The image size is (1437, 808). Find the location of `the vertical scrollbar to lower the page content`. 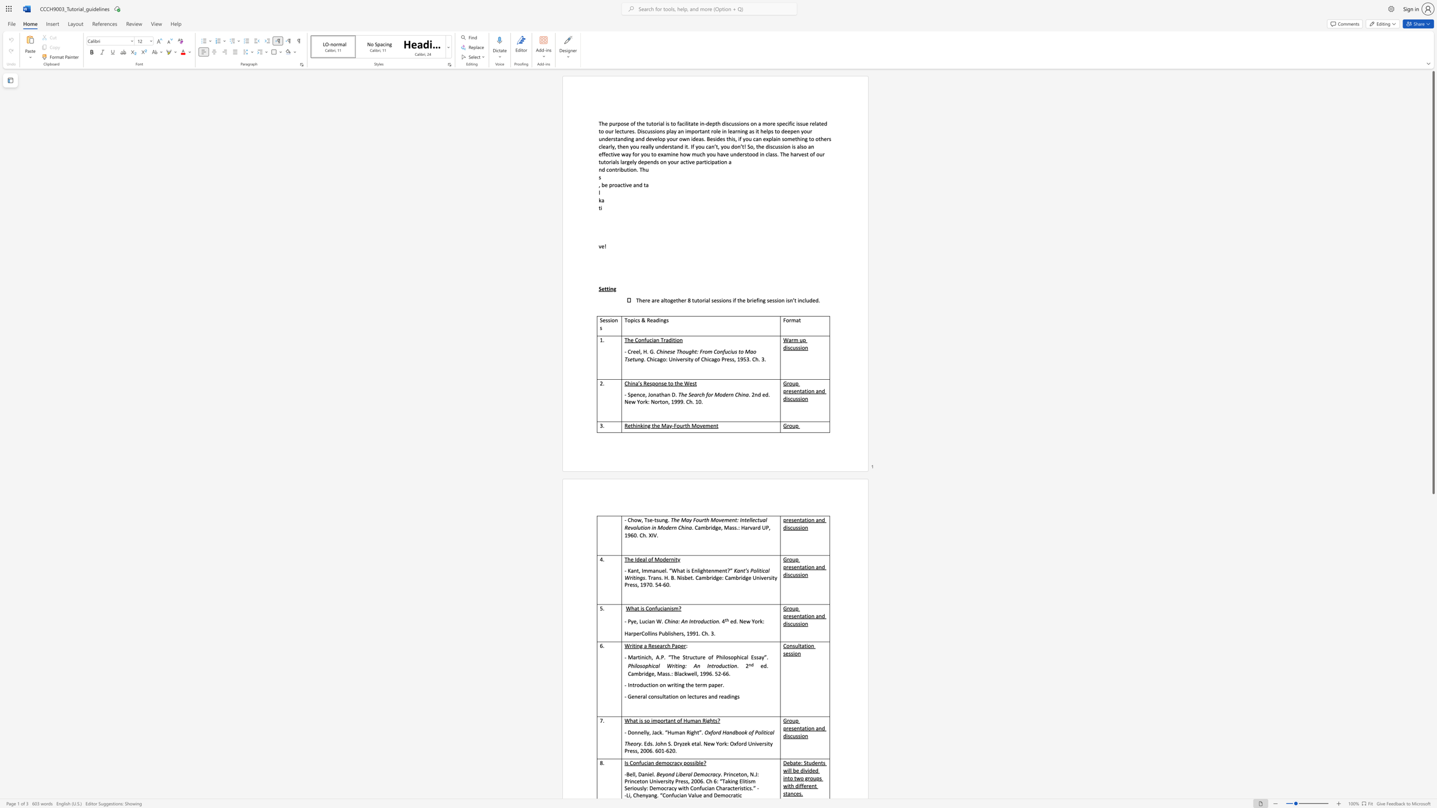

the vertical scrollbar to lower the page content is located at coordinates (1433, 643).